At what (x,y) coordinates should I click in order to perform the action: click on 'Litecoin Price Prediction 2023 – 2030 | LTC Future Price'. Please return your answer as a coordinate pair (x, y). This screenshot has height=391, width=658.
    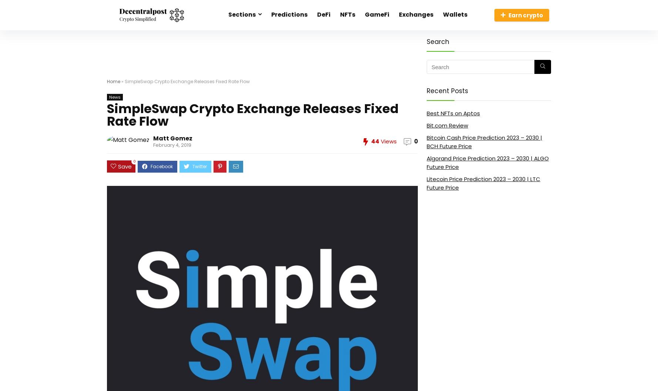
    Looking at the image, I should click on (483, 183).